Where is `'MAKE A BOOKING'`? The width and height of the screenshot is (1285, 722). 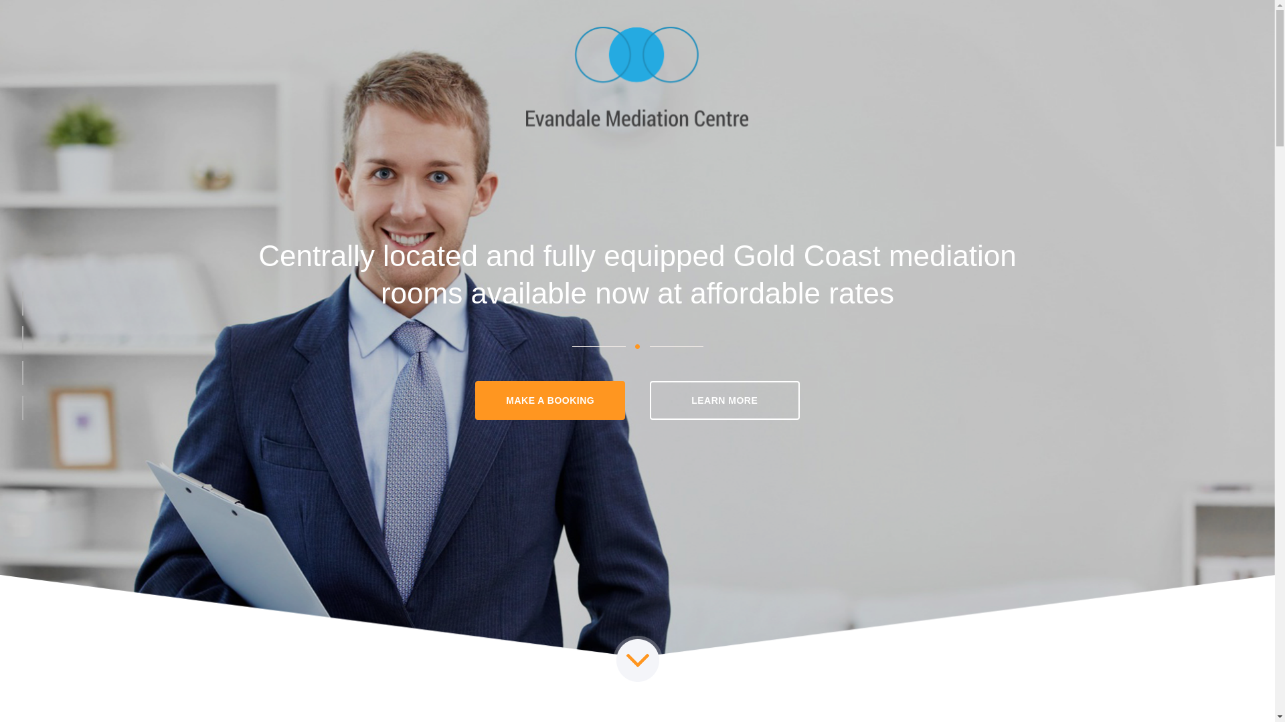
'MAKE A BOOKING' is located at coordinates (549, 399).